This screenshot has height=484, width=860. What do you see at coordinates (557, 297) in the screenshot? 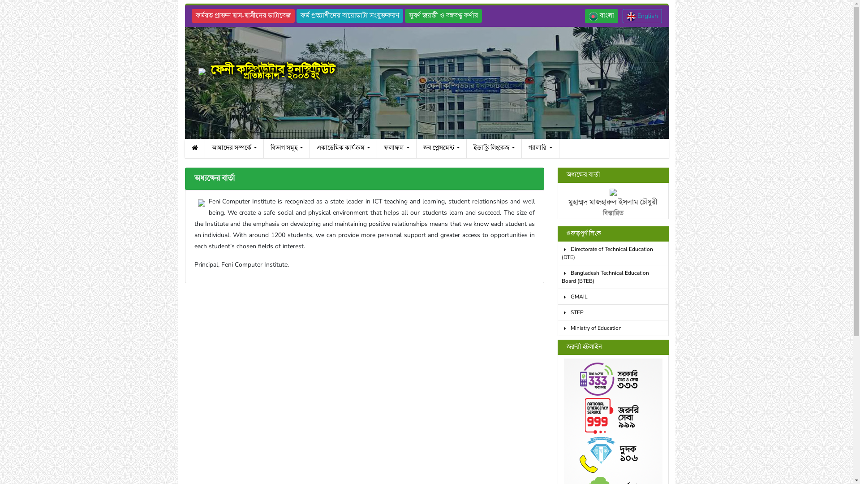
I see `'  GMAIL'` at bounding box center [557, 297].